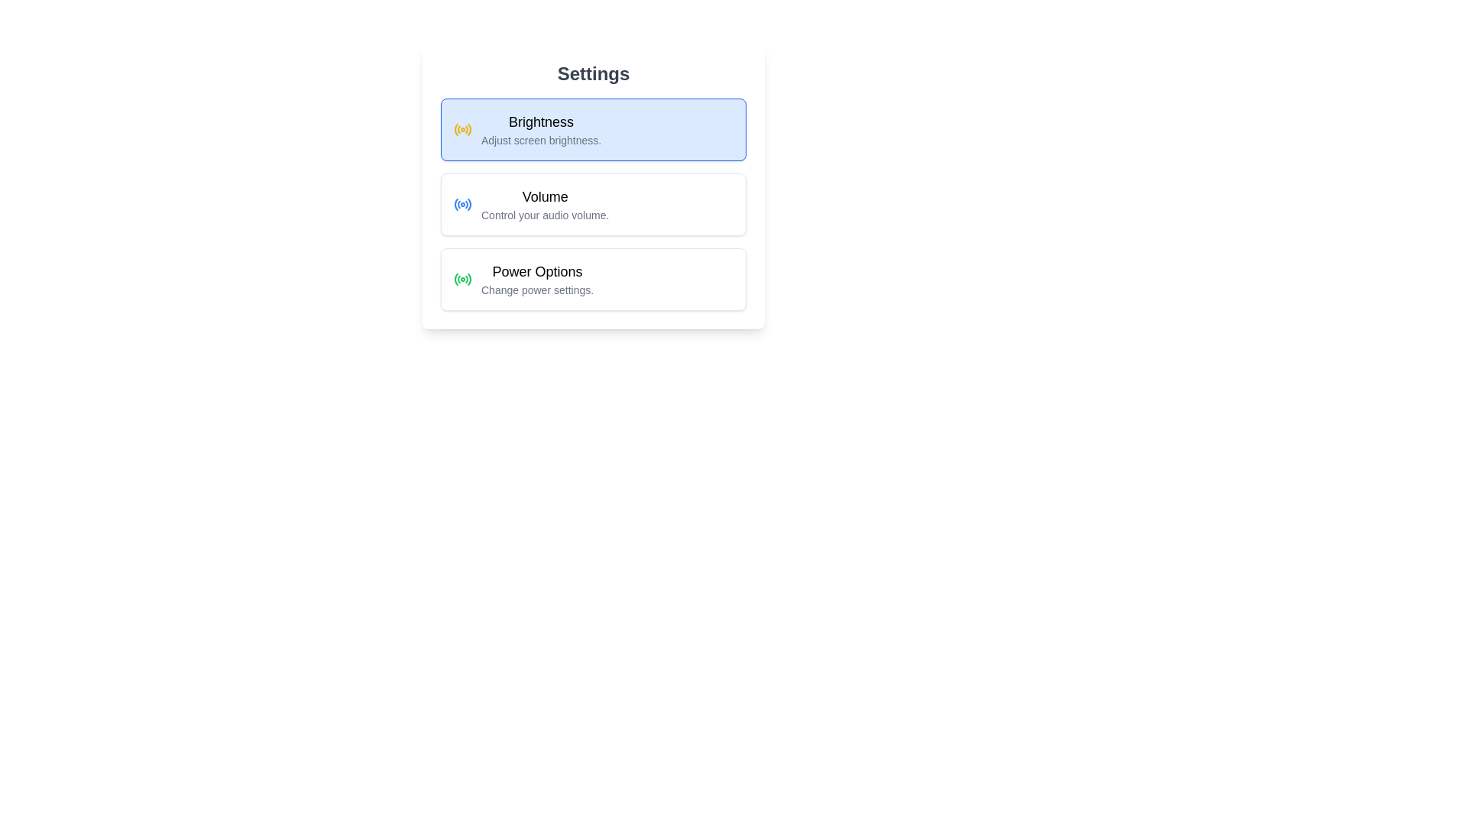 This screenshot has width=1467, height=825. I want to click on the static informational text that reads 'Control your audio volume.', located below the 'Volume' heading in the settings panel, so click(545, 215).